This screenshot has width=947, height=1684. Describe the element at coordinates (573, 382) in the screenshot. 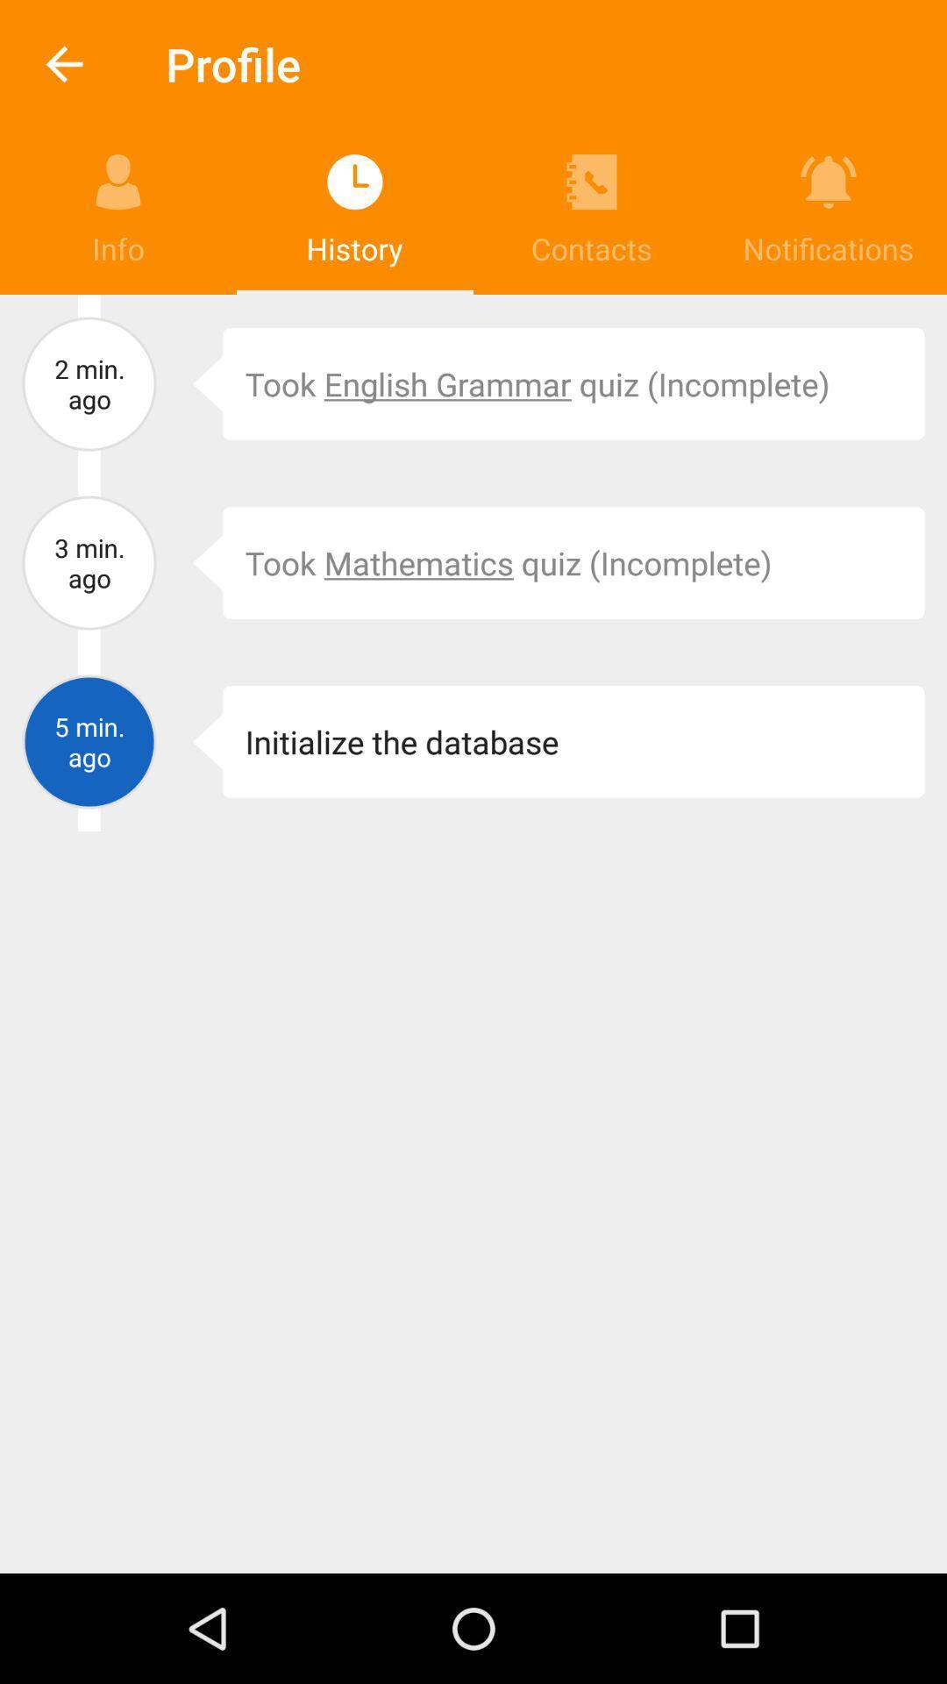

I see `item above the took mathematics quiz item` at that location.